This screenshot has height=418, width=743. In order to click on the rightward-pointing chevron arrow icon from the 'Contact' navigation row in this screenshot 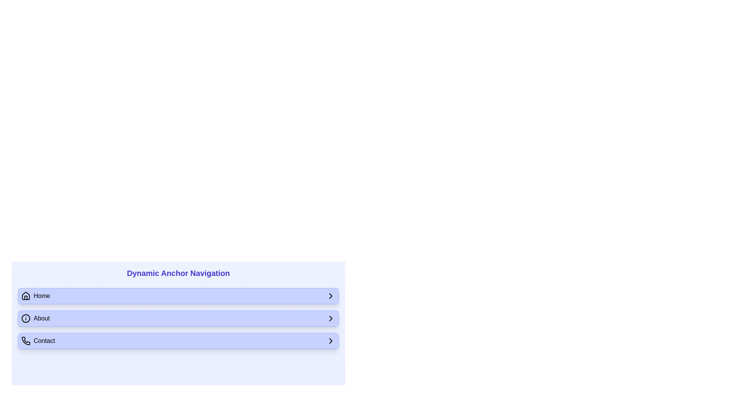, I will do `click(330, 340)`.